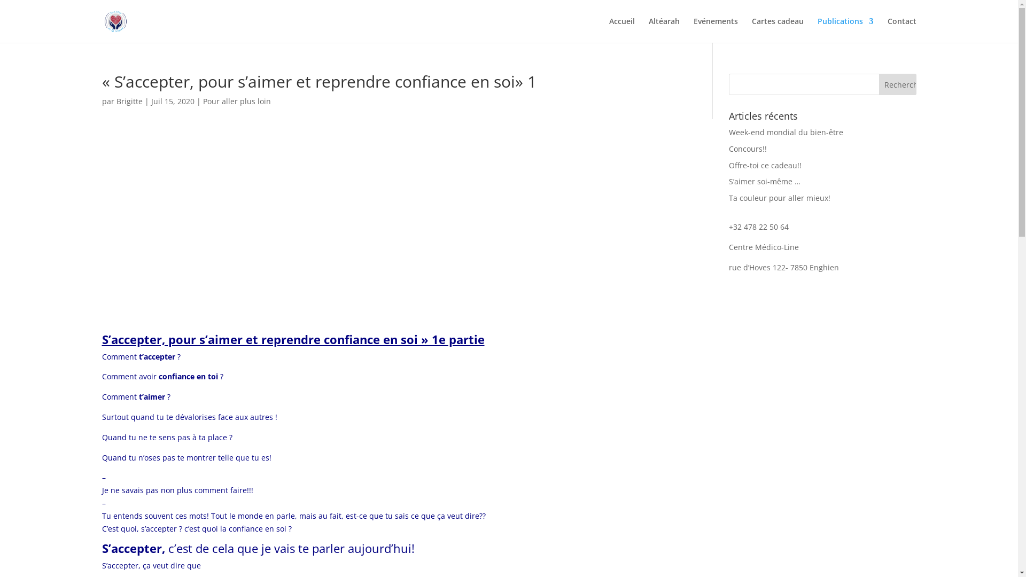 This screenshot has width=1026, height=577. What do you see at coordinates (887, 29) in the screenshot?
I see `'Contact'` at bounding box center [887, 29].